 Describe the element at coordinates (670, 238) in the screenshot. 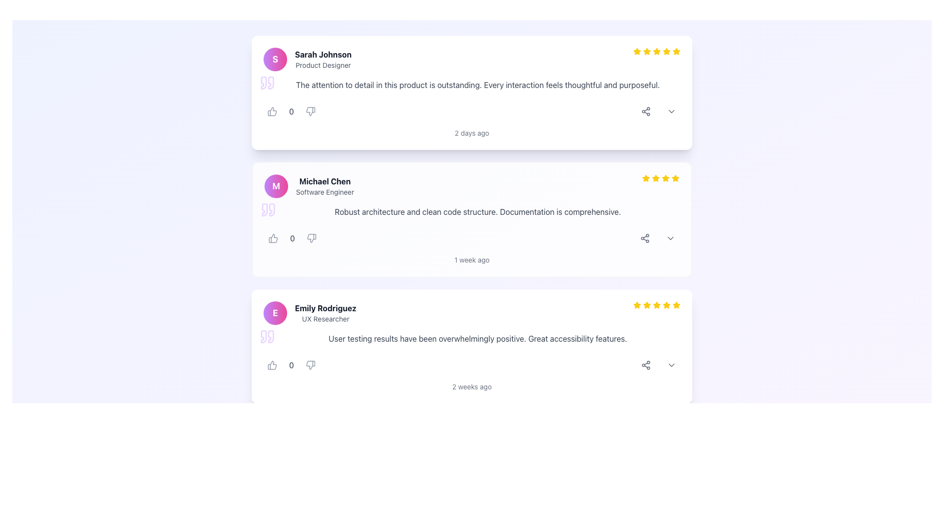

I see `the circular button with a chevron-down arrow icon located in the top-right corner of the comment card` at that location.